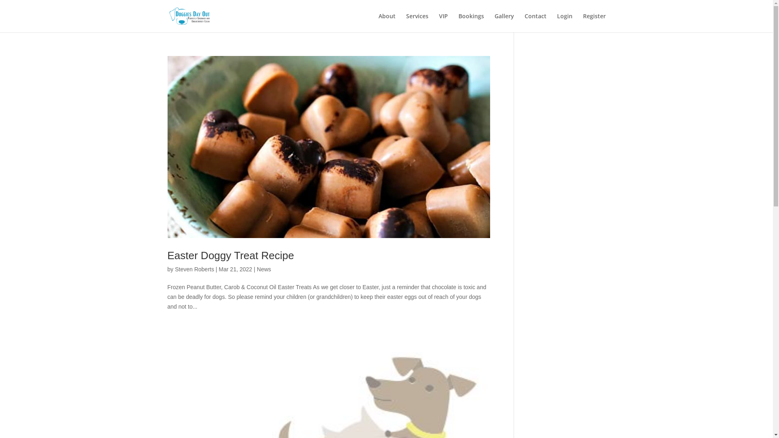  I want to click on 'VIP', so click(443, 22).